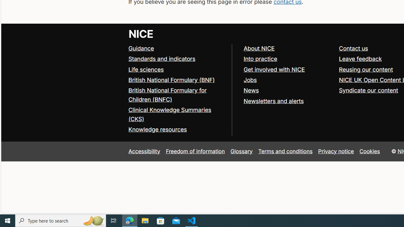 The height and width of the screenshot is (227, 404). Describe the element at coordinates (195, 151) in the screenshot. I see `'Freedom of information'` at that location.